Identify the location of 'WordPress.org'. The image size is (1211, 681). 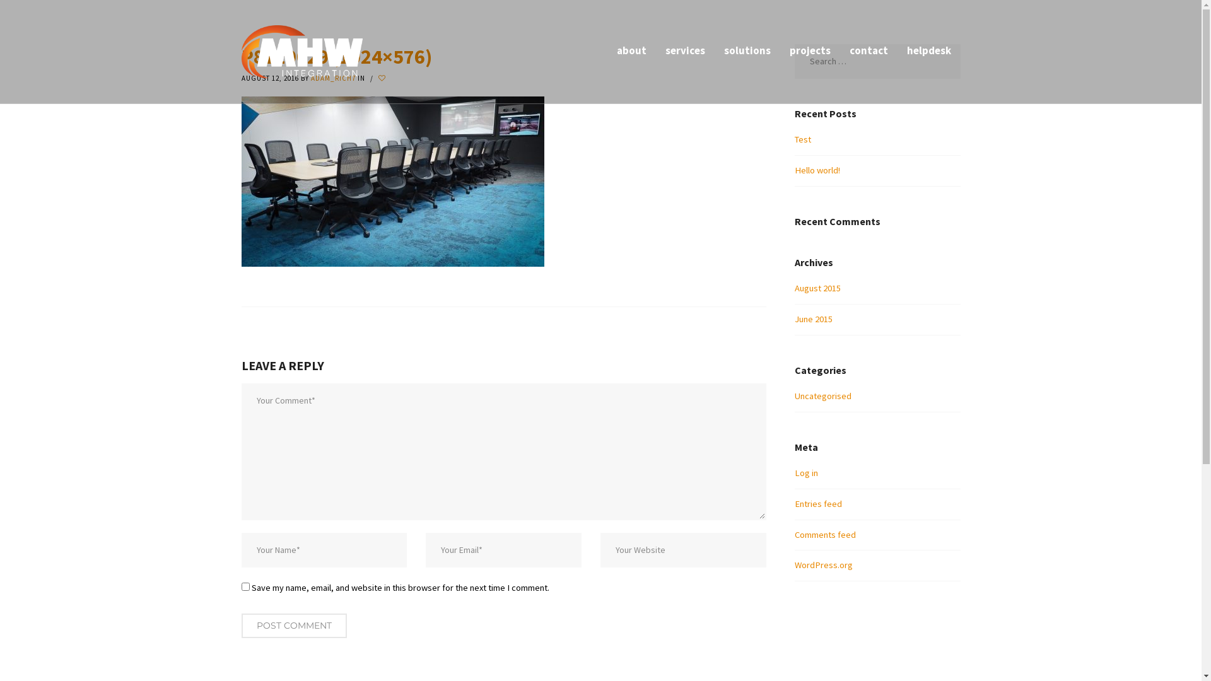
(793, 564).